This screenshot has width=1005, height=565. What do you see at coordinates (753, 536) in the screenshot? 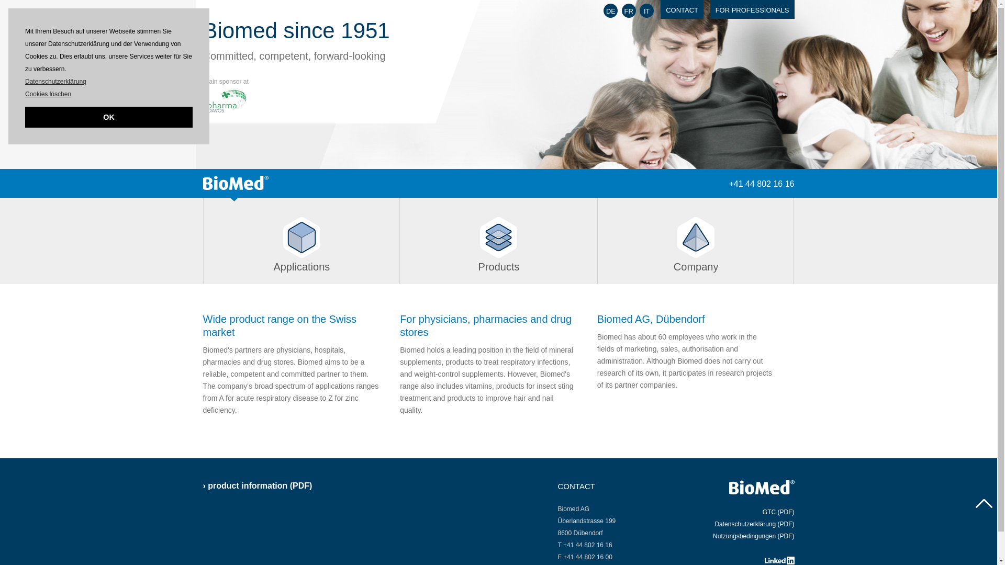
I see `'Nutzungsbedingungen (PDF)'` at bounding box center [753, 536].